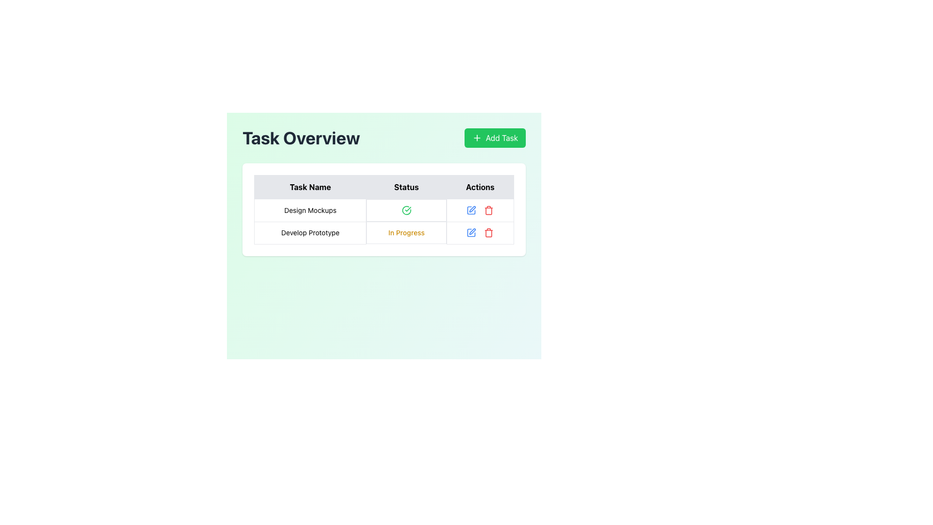  I want to click on the editing icon represented by a square outline with an open segment on the top-right corner in the top-right action column of the task row beneath 'Actions.', so click(471, 210).